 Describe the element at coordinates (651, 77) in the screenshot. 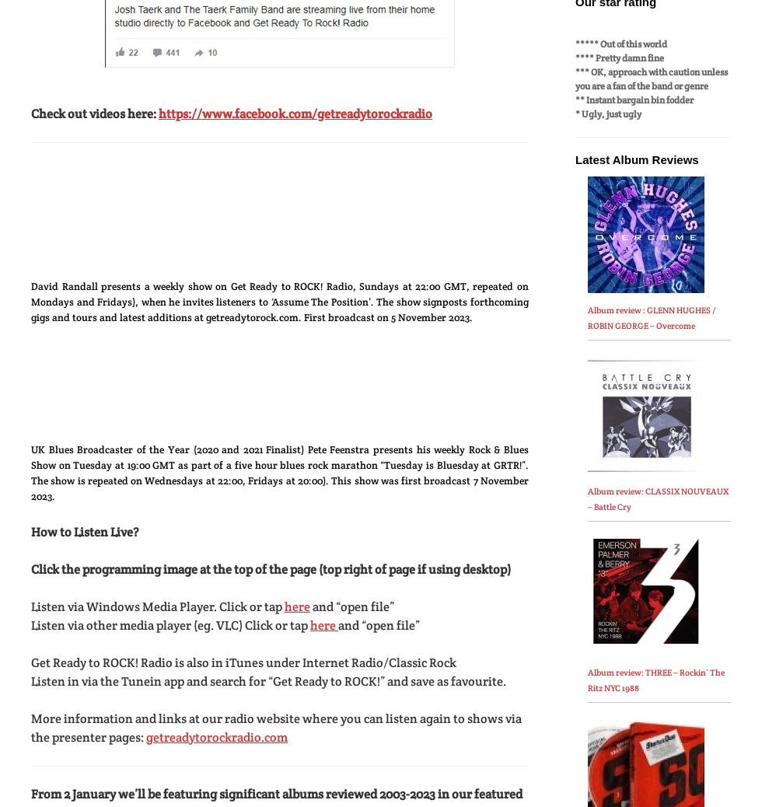

I see `'*** OK, approach with caution unless you are a fan of the band or genre'` at that location.